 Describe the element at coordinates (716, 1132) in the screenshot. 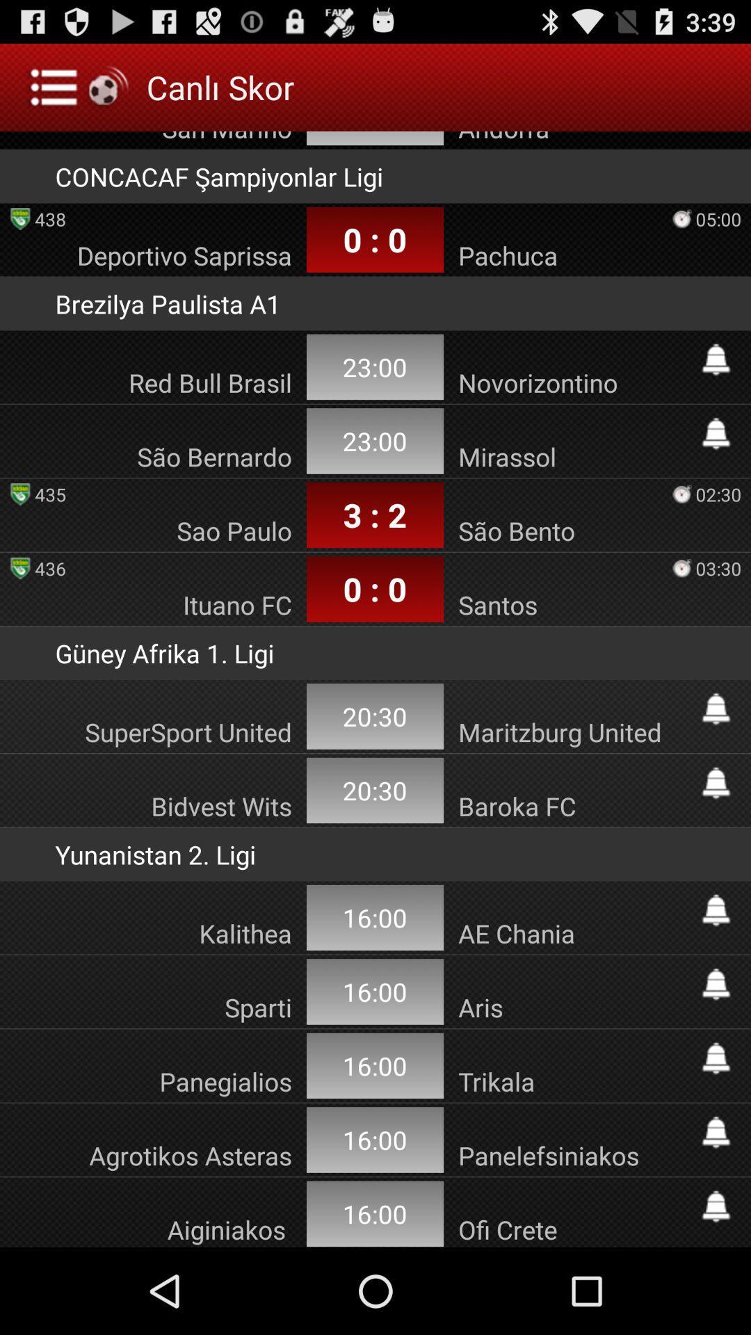

I see `turn off notifications` at that location.